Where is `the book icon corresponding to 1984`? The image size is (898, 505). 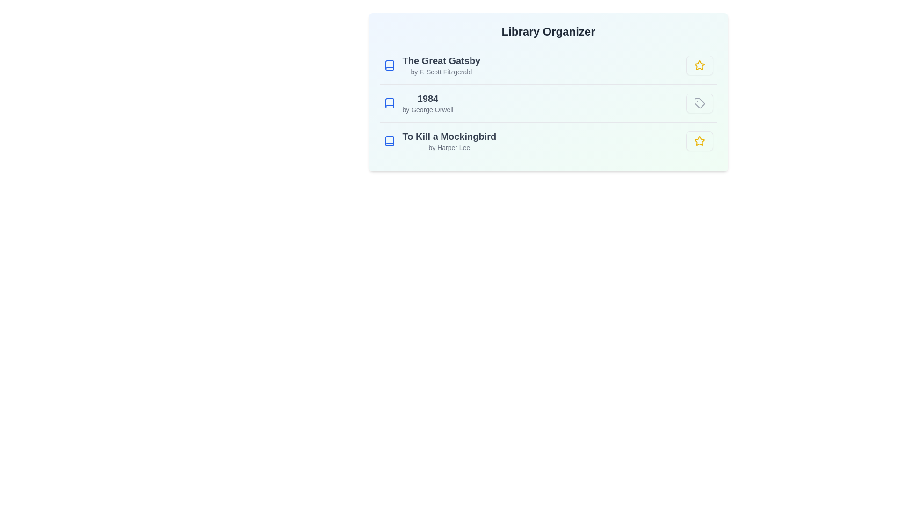 the book icon corresponding to 1984 is located at coordinates (389, 103).